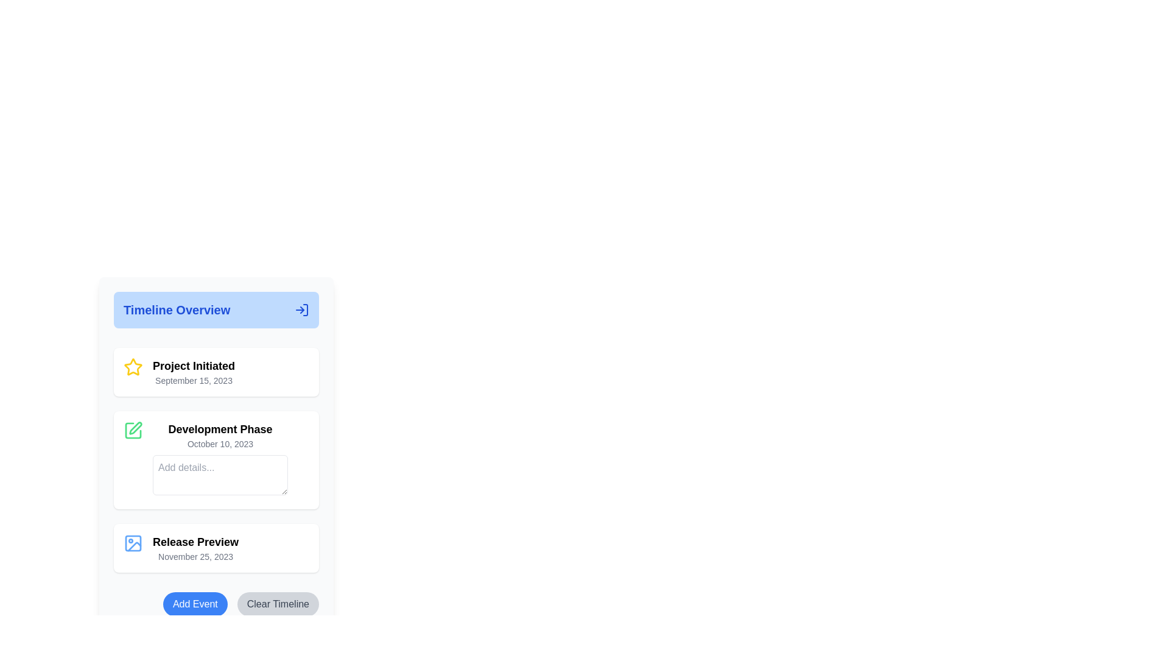 This screenshot has width=1169, height=658. Describe the element at coordinates (220, 444) in the screenshot. I see `the Text Label displaying 'October 10, 2023', which is located beneath the 'Development Phase' title and above the input field labeled 'Add details...'` at that location.